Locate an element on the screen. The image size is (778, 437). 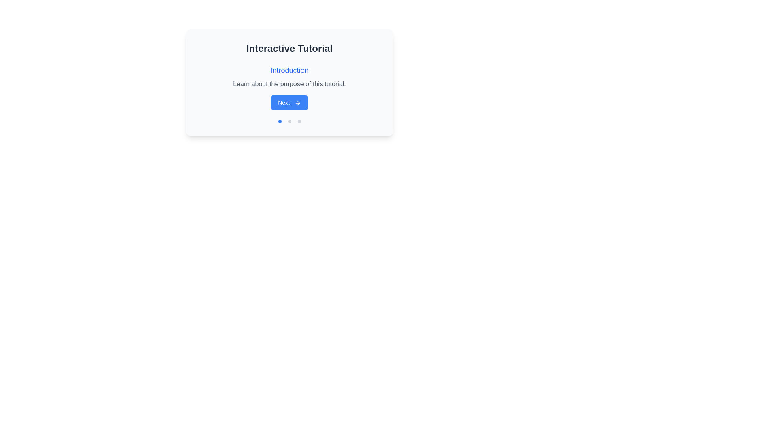
the blue navigation button located at the bottom center of the content area to advance to the next step or page is located at coordinates (289, 102).